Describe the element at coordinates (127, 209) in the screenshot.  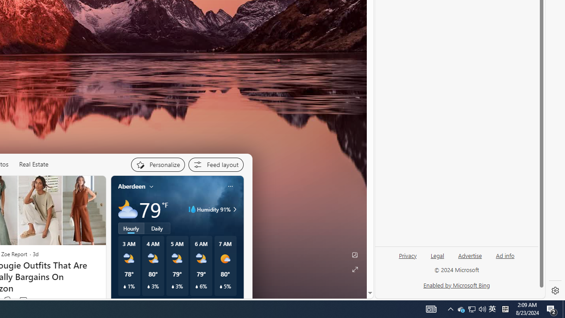
I see `'Mostly cloudy'` at that location.